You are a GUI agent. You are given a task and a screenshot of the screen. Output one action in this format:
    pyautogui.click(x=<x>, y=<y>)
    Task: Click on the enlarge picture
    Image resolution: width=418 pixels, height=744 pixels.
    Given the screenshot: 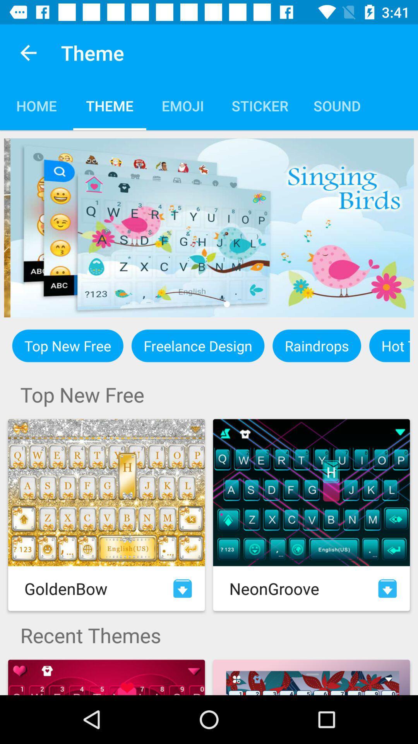 What is the action you would take?
    pyautogui.click(x=209, y=227)
    